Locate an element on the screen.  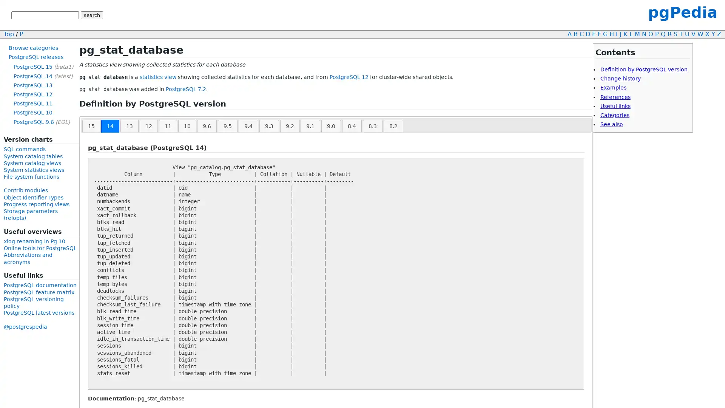
search is located at coordinates (91, 15).